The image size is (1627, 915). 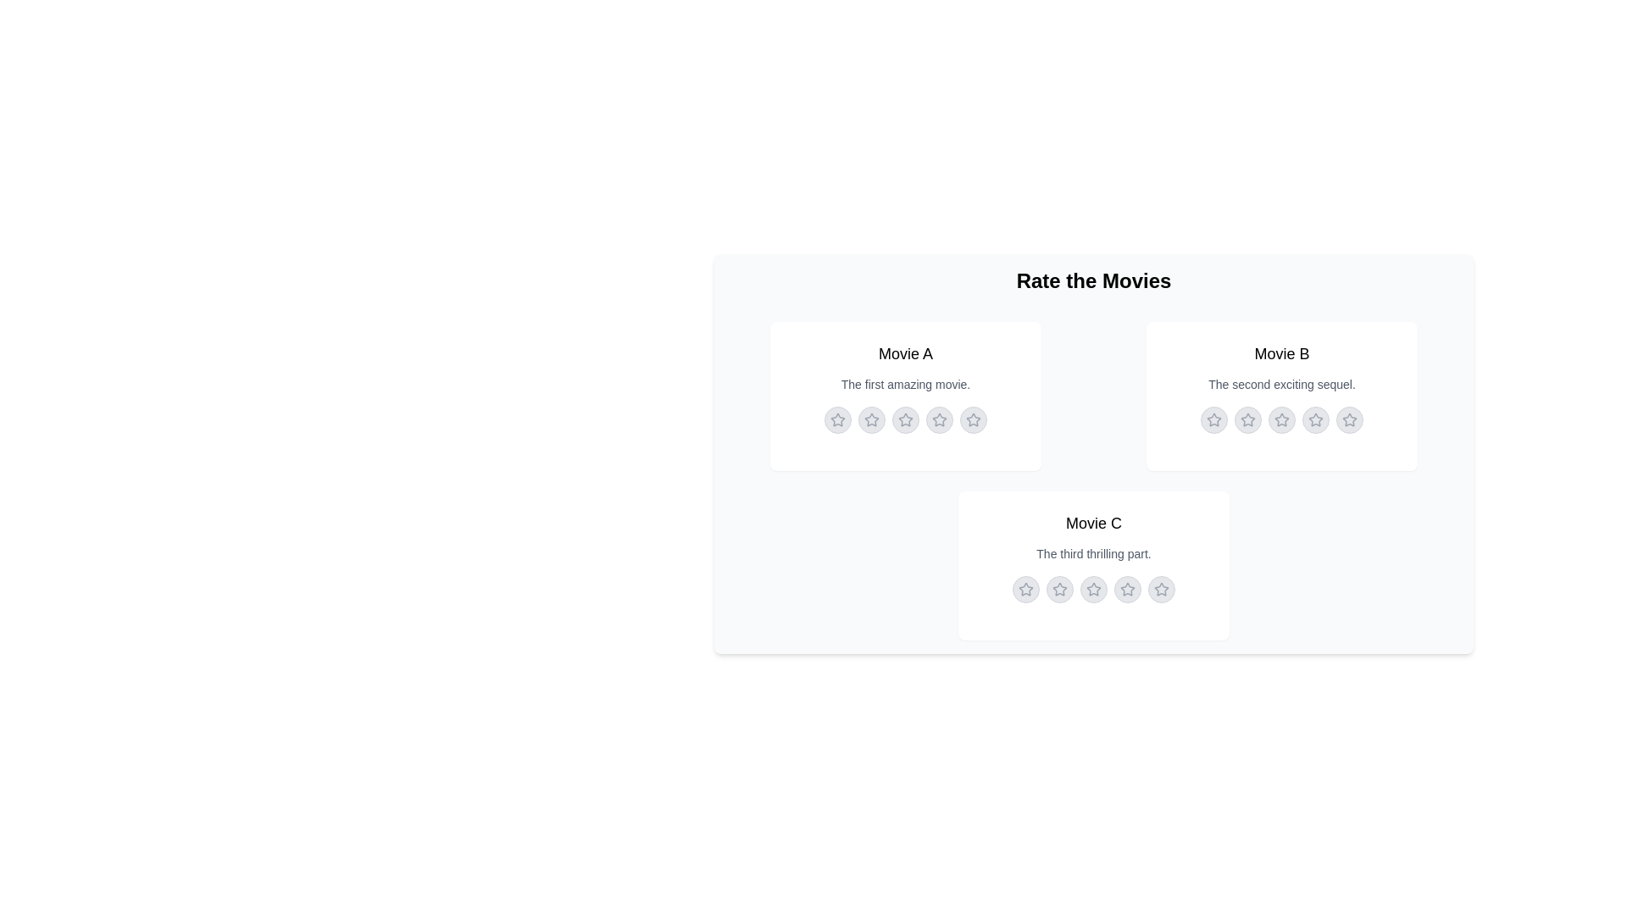 I want to click on the fifth star icon in the horizontal rating component under 'Movie A' to rate 5, so click(x=973, y=419).